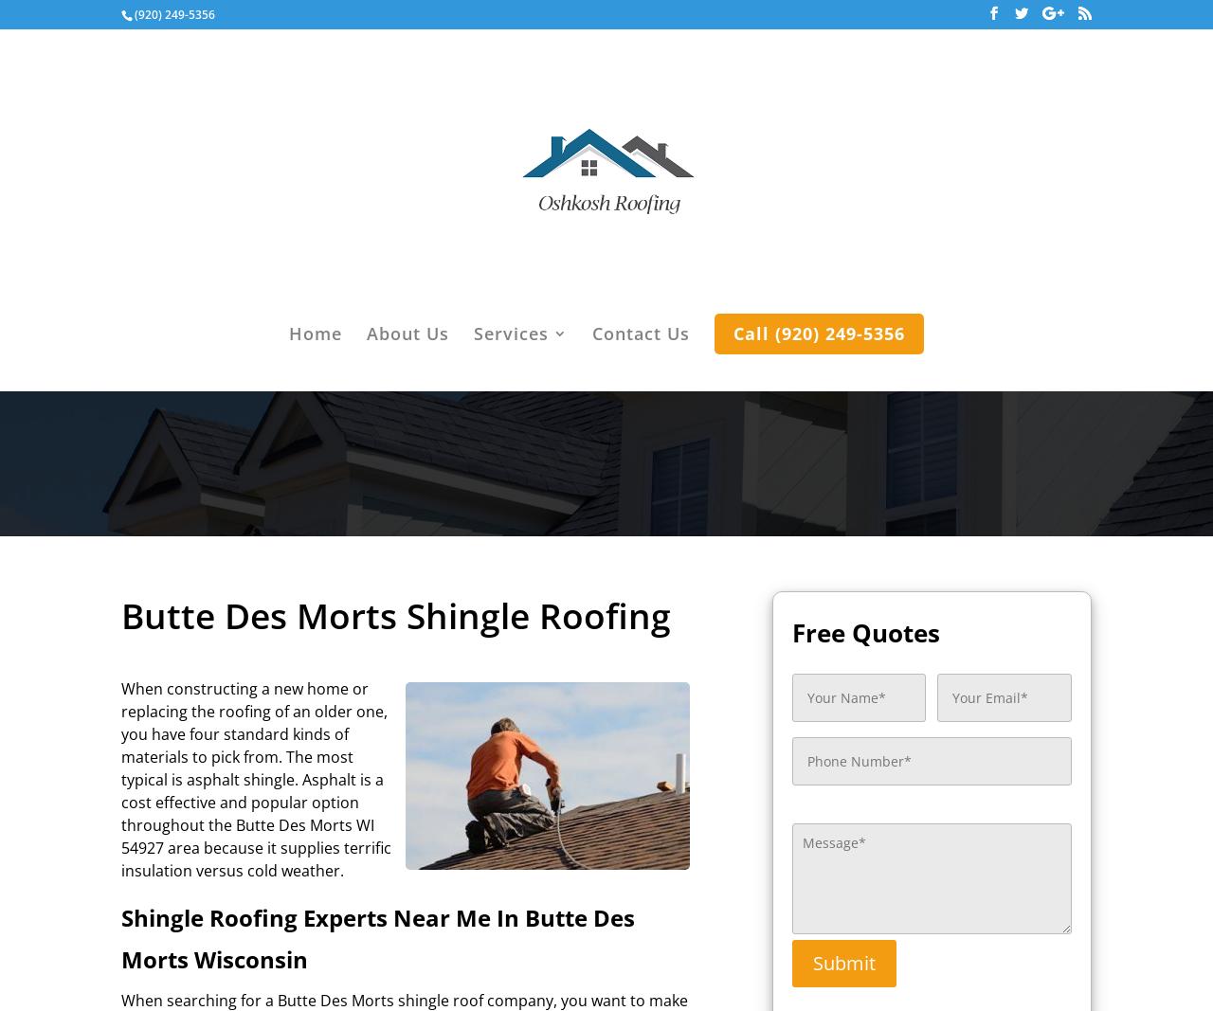 The height and width of the screenshot is (1011, 1213). I want to click on '(920) 249-5356', so click(174, 13).